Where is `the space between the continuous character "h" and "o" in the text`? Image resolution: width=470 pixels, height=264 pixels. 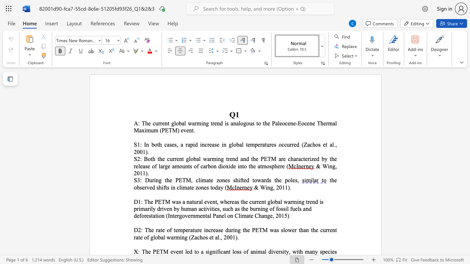 the space between the continuous character "h" and "o" in the text is located at coordinates (315, 144).